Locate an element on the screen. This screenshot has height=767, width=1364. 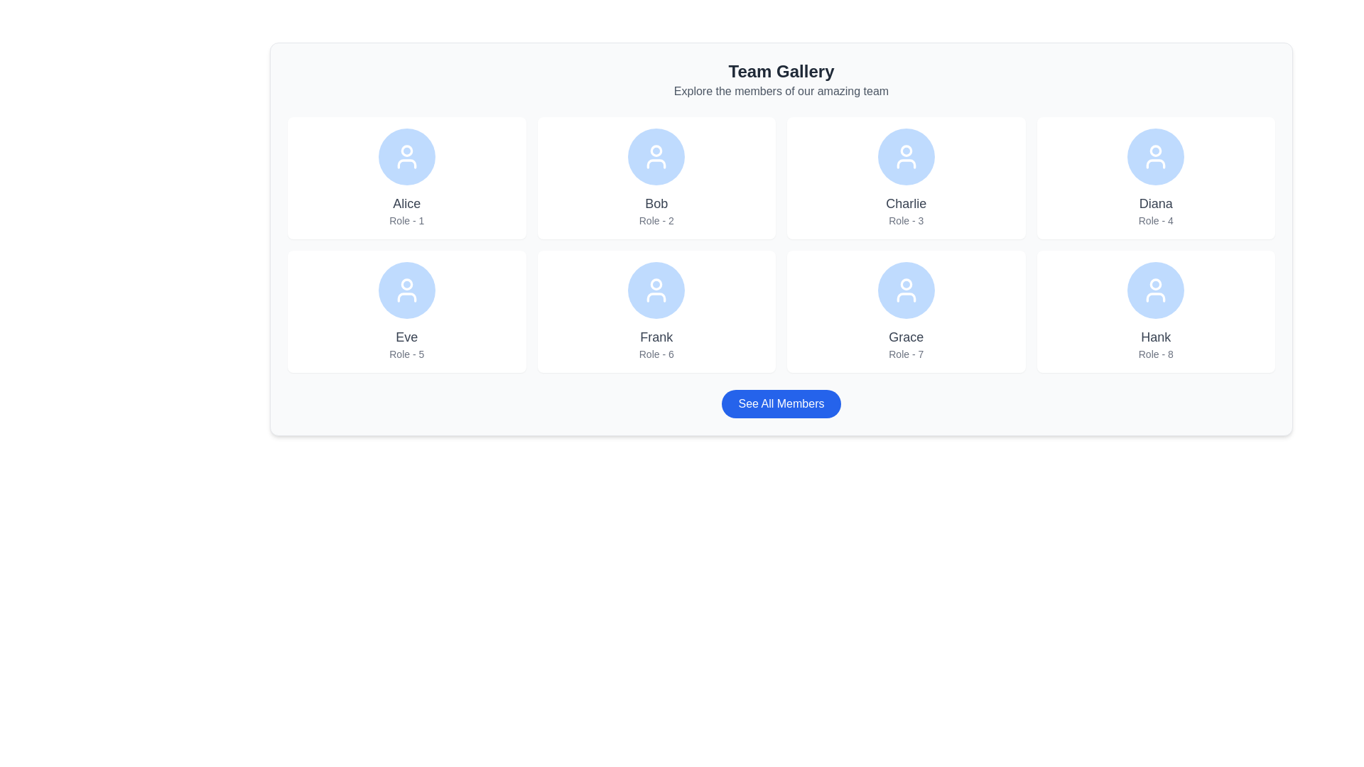
the user icon representing 'Alice' in the top-left corner of the profile grid is located at coordinates (406, 156).